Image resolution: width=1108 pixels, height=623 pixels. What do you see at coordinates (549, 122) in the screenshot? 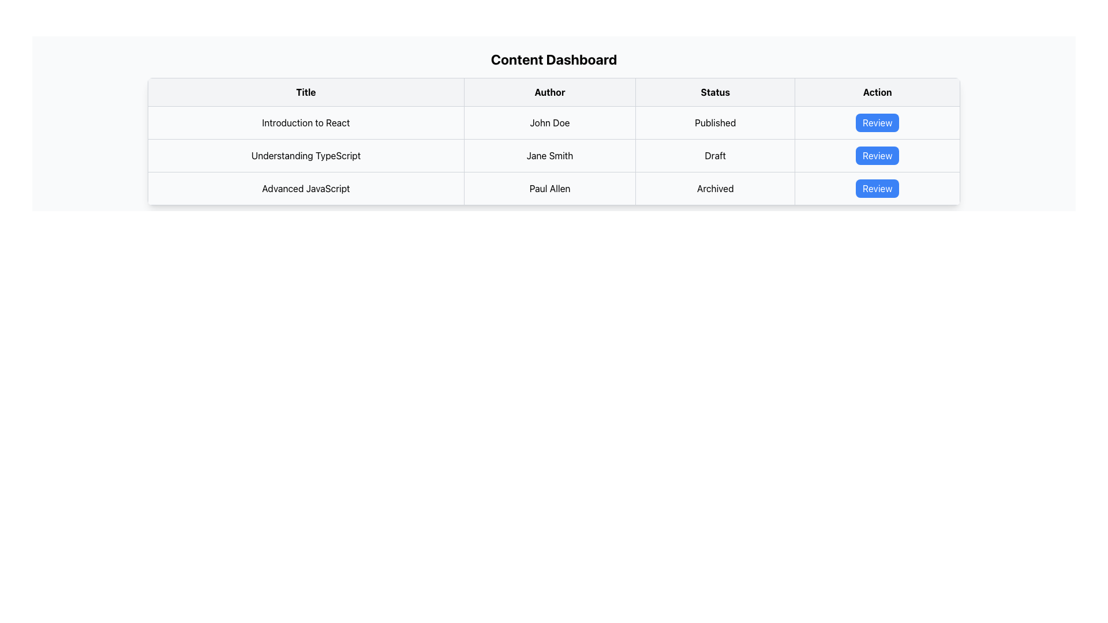
I see `the text label displaying 'John Doe' in the second cell of the 'Author' column in the first row of the table` at bounding box center [549, 122].